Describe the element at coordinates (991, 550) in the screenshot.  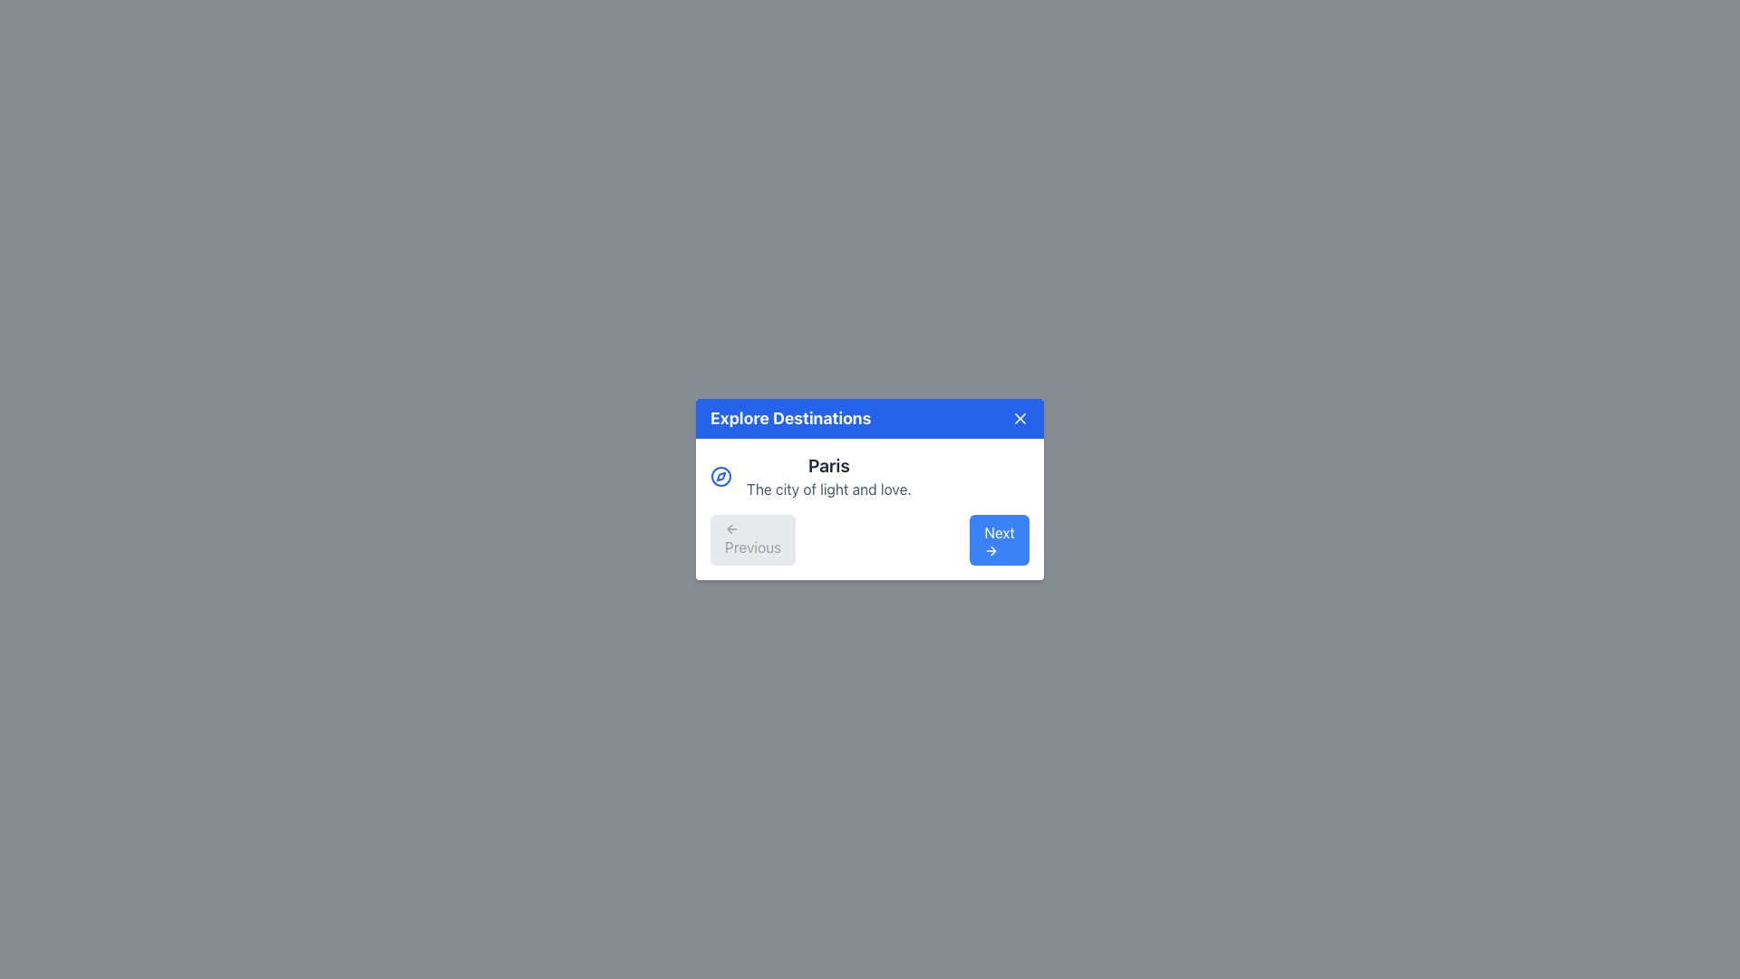
I see `the right-pointing arrow icon embedded within the blue 'Next' button, which serves as a forward navigation indicator in the modal dialog interface` at that location.